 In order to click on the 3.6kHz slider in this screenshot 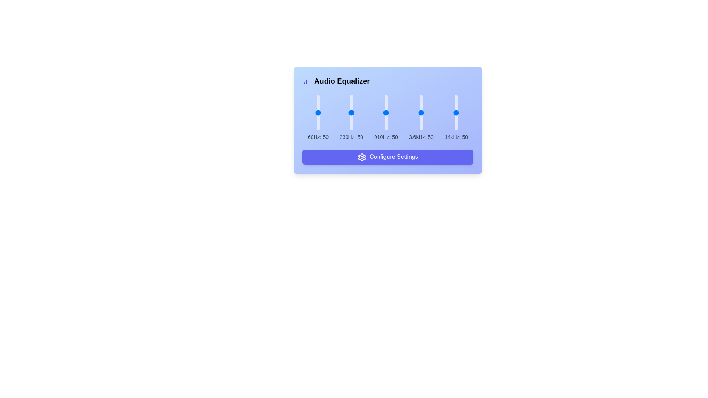, I will do `click(421, 116)`.